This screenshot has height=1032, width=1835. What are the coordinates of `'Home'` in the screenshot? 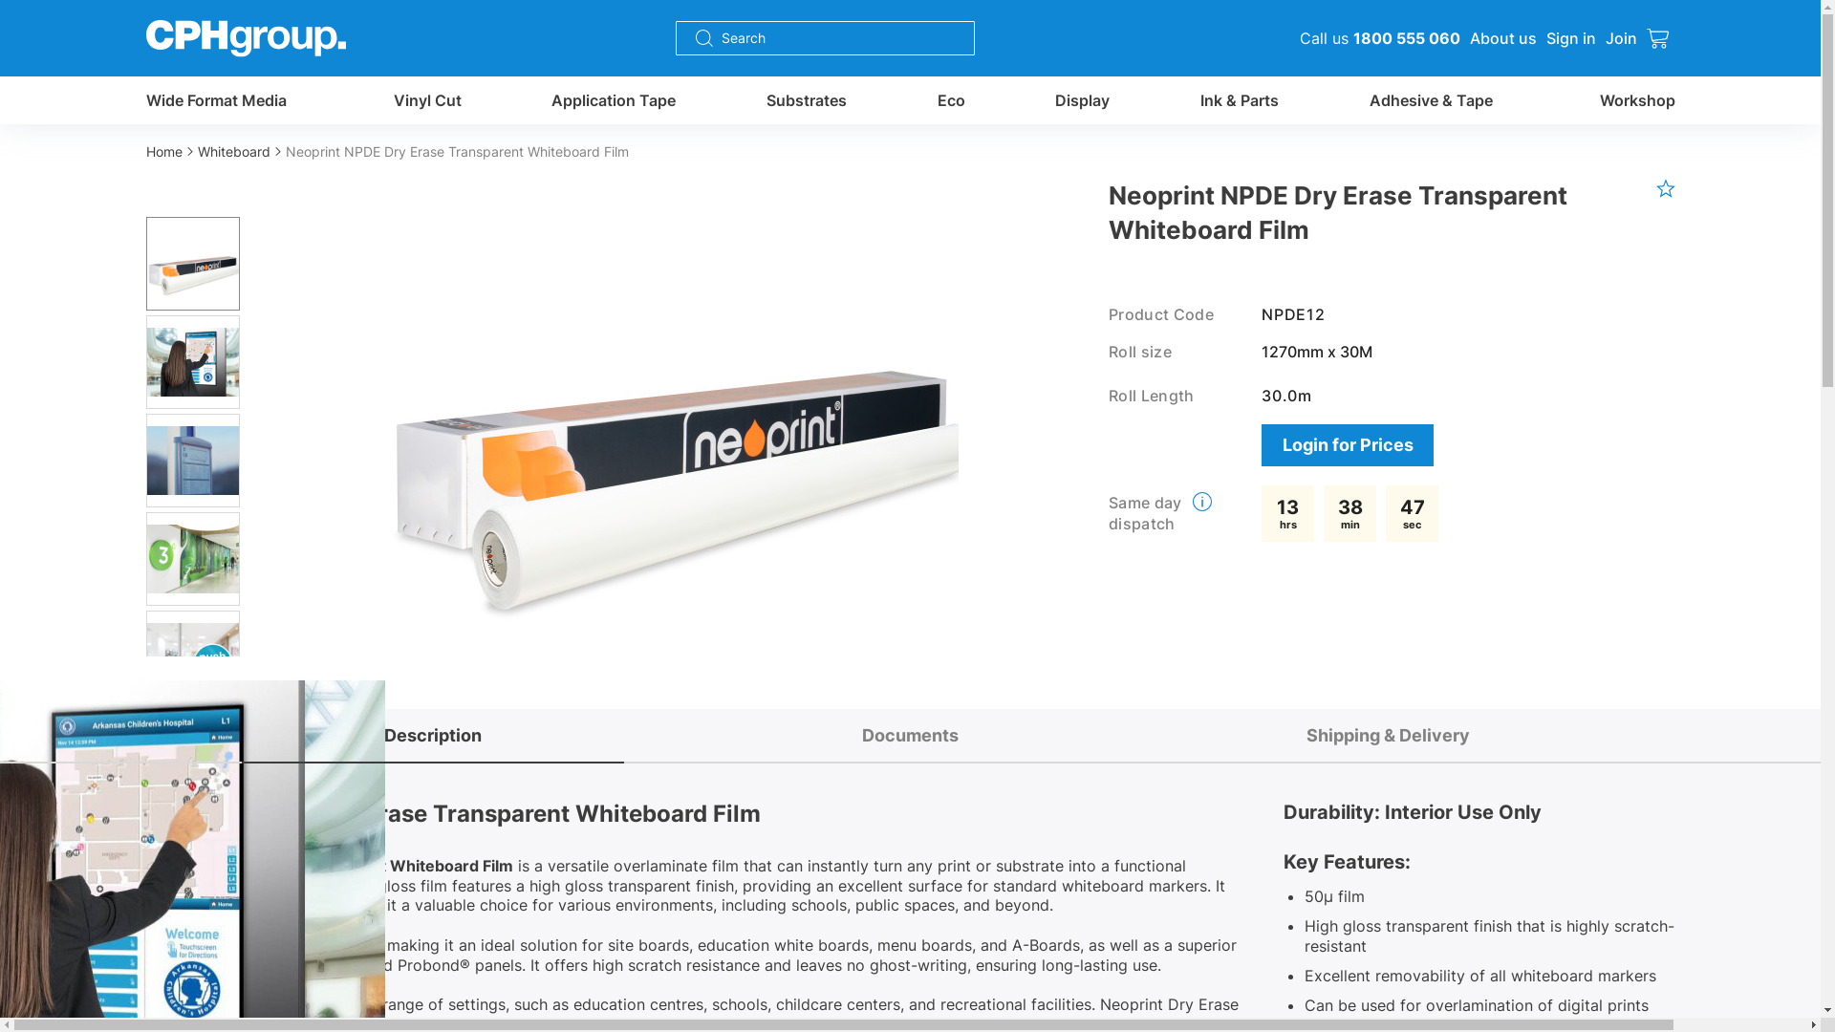 It's located at (170, 150).